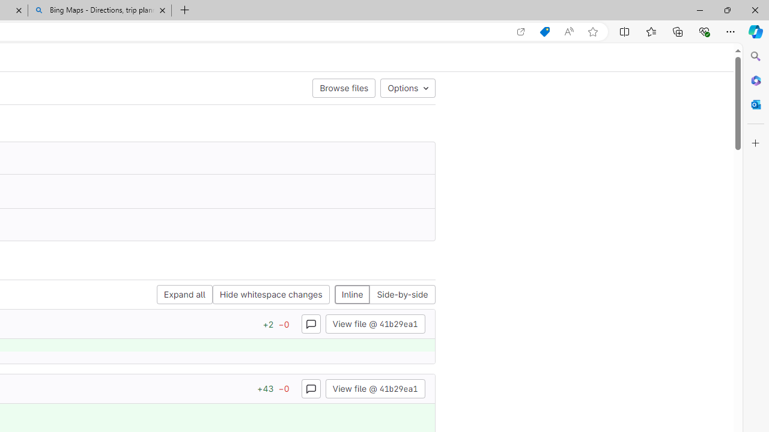 The image size is (769, 432). Describe the element at coordinates (402, 295) in the screenshot. I see `'Side-by-side'` at that location.